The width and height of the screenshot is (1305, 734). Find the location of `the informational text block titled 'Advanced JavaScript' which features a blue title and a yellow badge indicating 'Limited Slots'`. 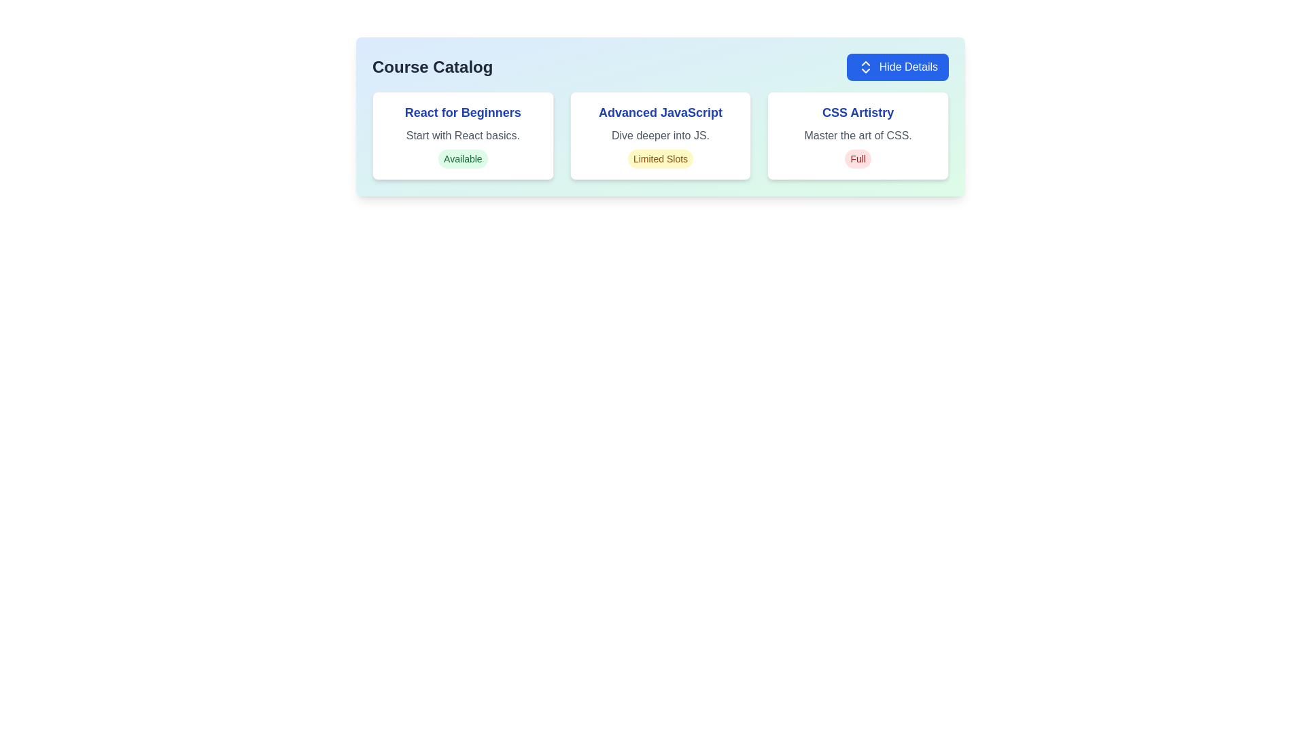

the informational text block titled 'Advanced JavaScript' which features a blue title and a yellow badge indicating 'Limited Slots' is located at coordinates (660, 136).